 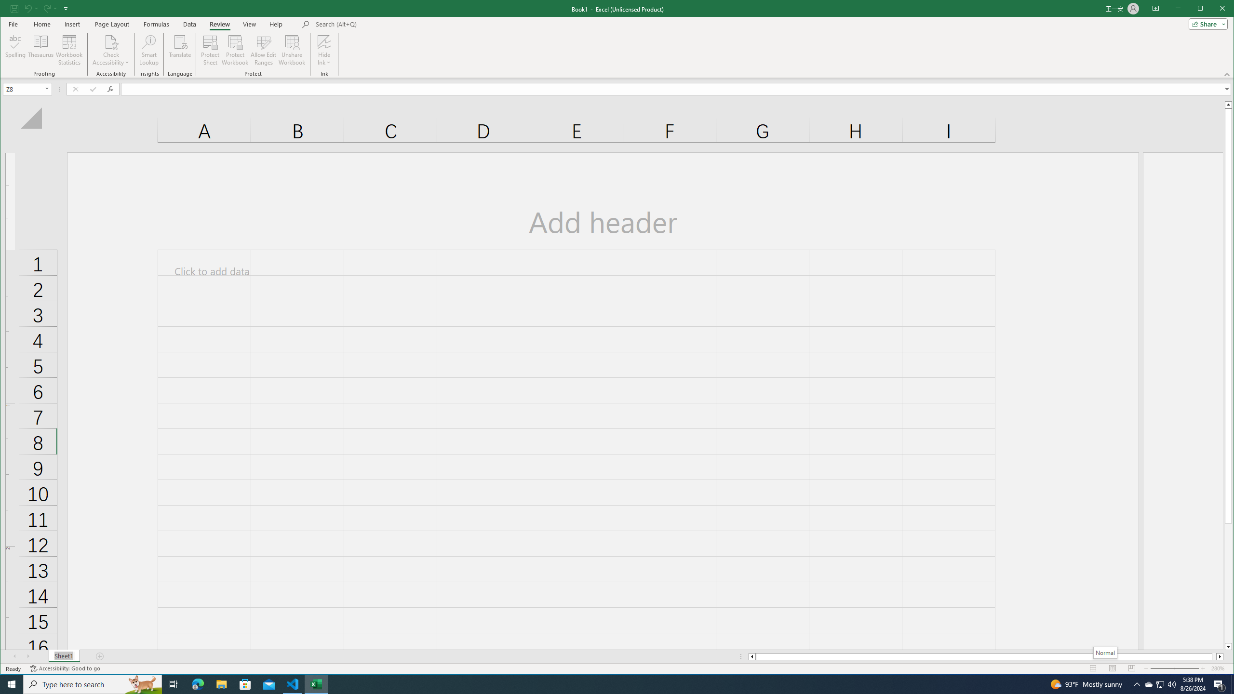 What do you see at coordinates (382, 24) in the screenshot?
I see `'Microsoft search'` at bounding box center [382, 24].